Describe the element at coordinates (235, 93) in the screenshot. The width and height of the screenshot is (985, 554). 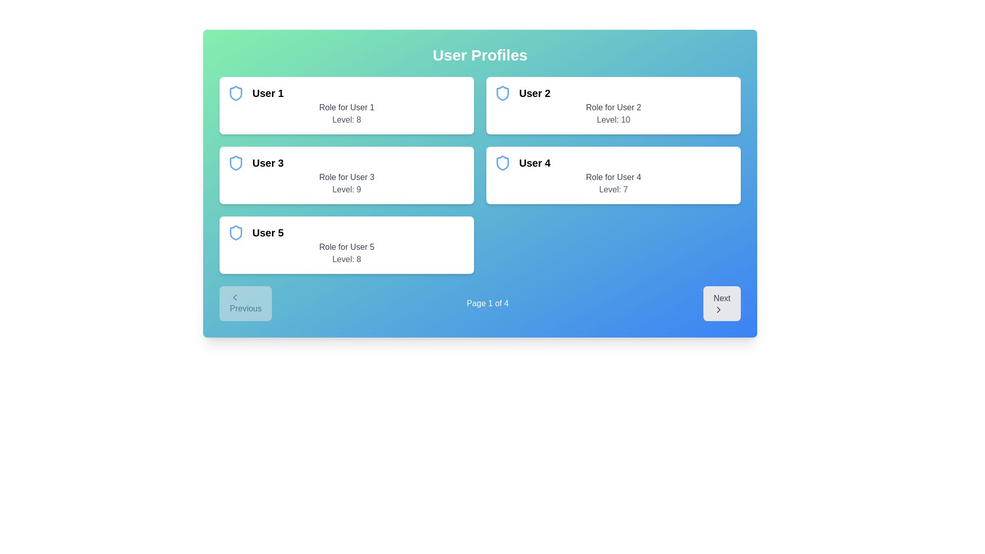
I see `the shield-like icon with a blue outline and white fill, located in the user profile card labeled 'User 1' at the top-left corner of the grid layout` at that location.